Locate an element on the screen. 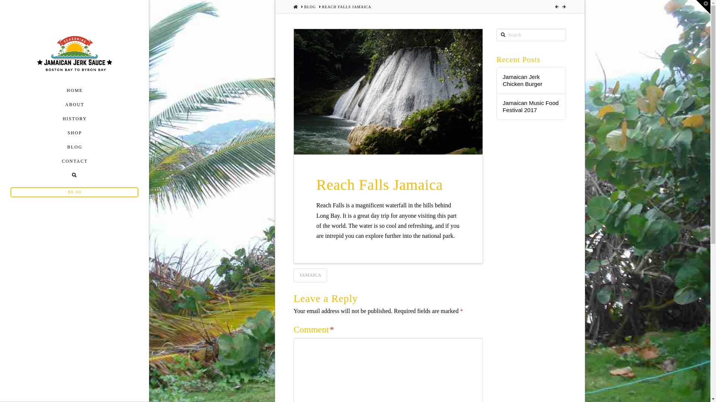 This screenshot has width=716, height=402. 'Jamaican Jerk Chicken Burger' is located at coordinates (503, 80).